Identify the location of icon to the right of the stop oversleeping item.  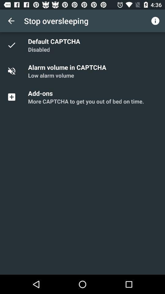
(155, 21).